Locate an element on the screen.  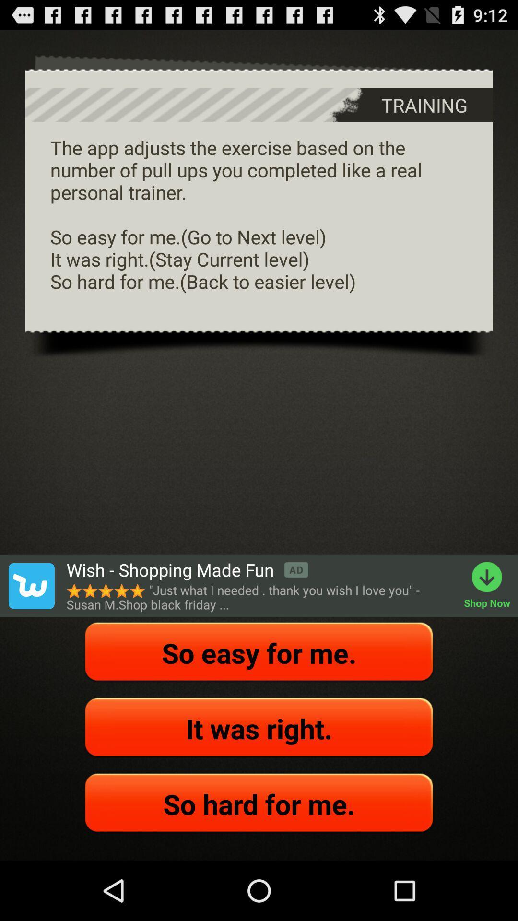
it was right. icon is located at coordinates (259, 728).